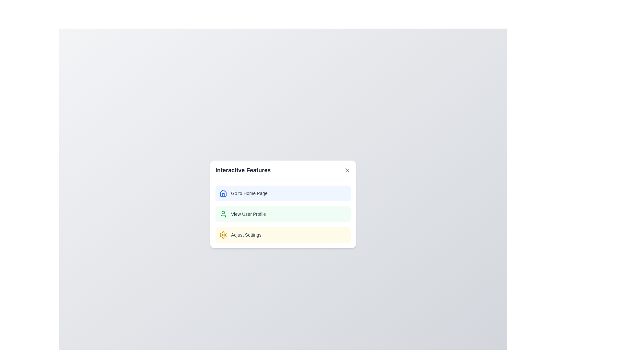 This screenshot has width=624, height=351. I want to click on the second button in the vertically stacked list, so click(283, 214).